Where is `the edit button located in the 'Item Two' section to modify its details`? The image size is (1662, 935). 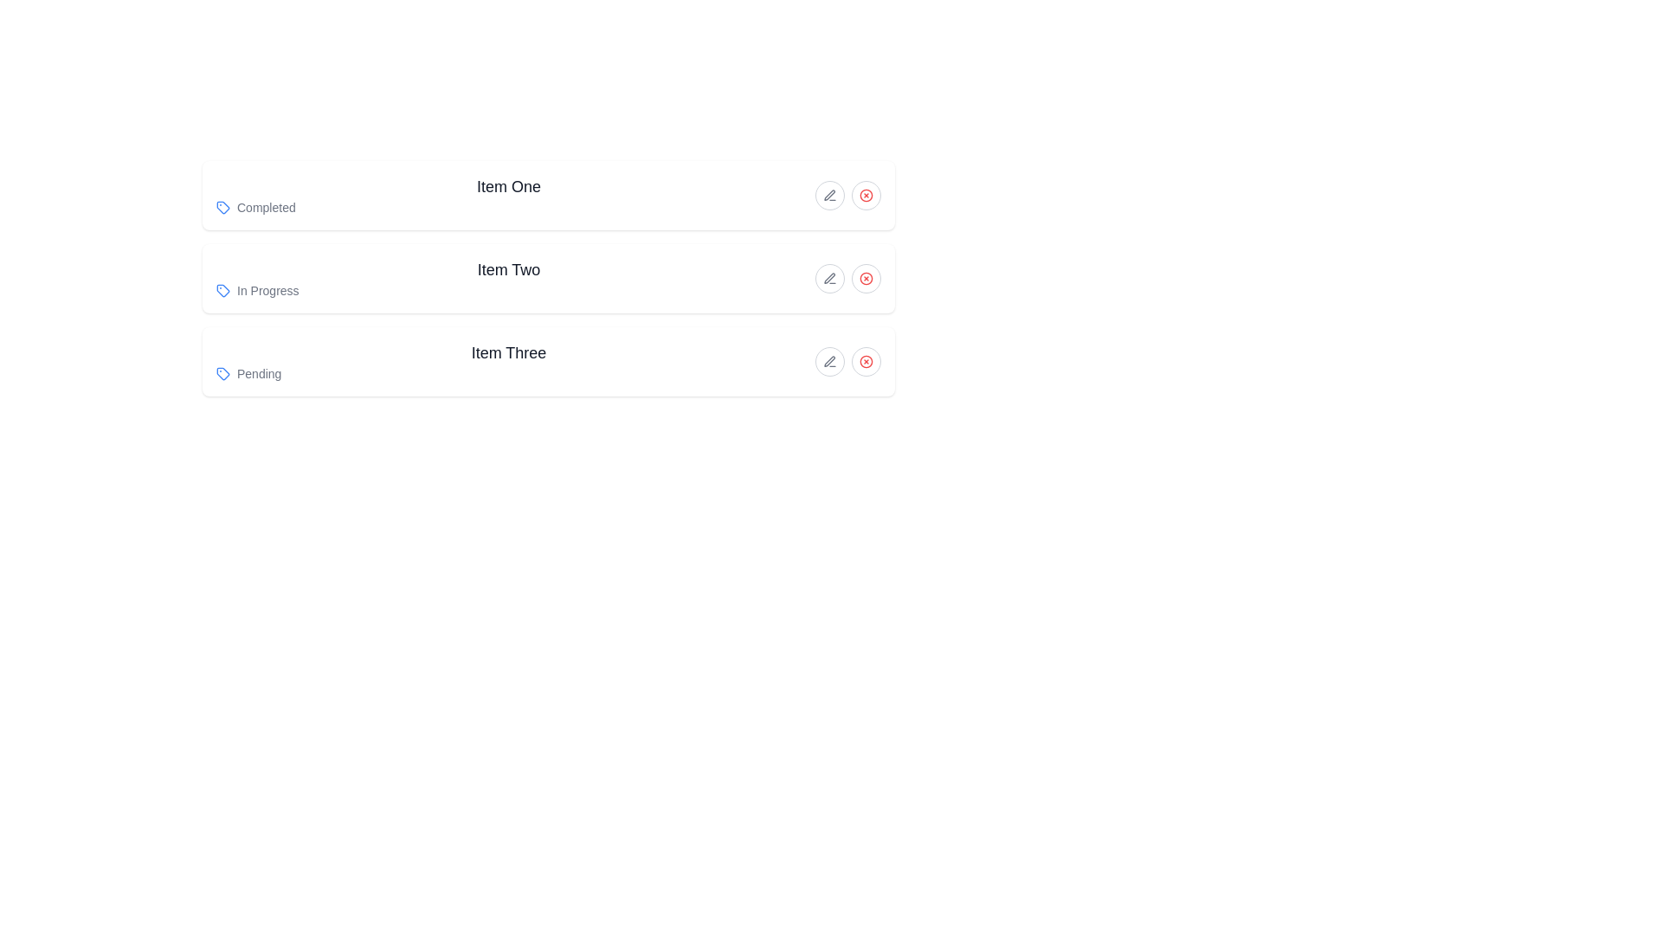
the edit button located in the 'Item Two' section to modify its details is located at coordinates (847, 277).